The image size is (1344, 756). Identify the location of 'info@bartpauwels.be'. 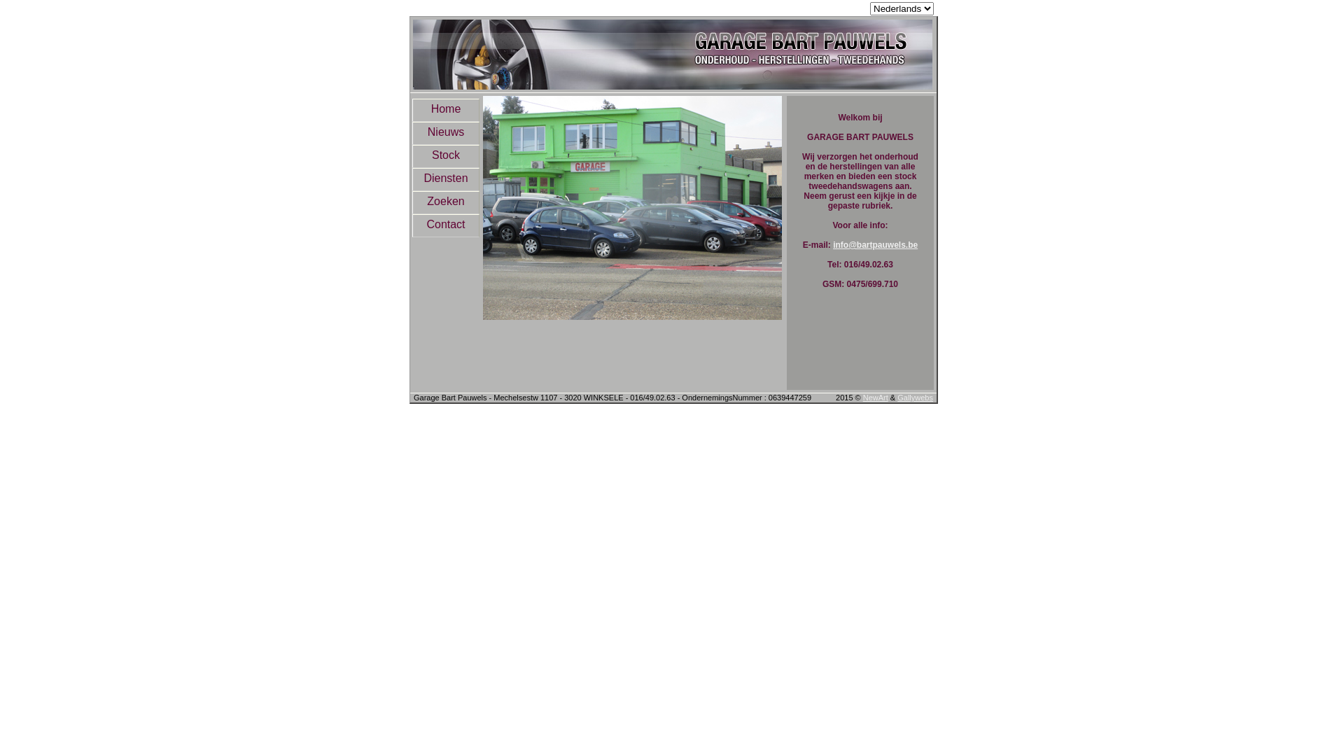
(874, 244).